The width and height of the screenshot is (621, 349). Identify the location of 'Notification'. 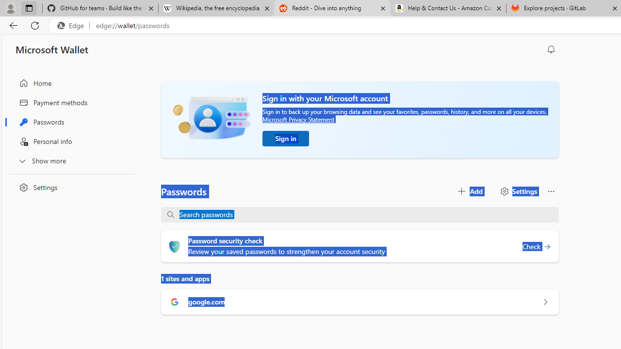
(551, 49).